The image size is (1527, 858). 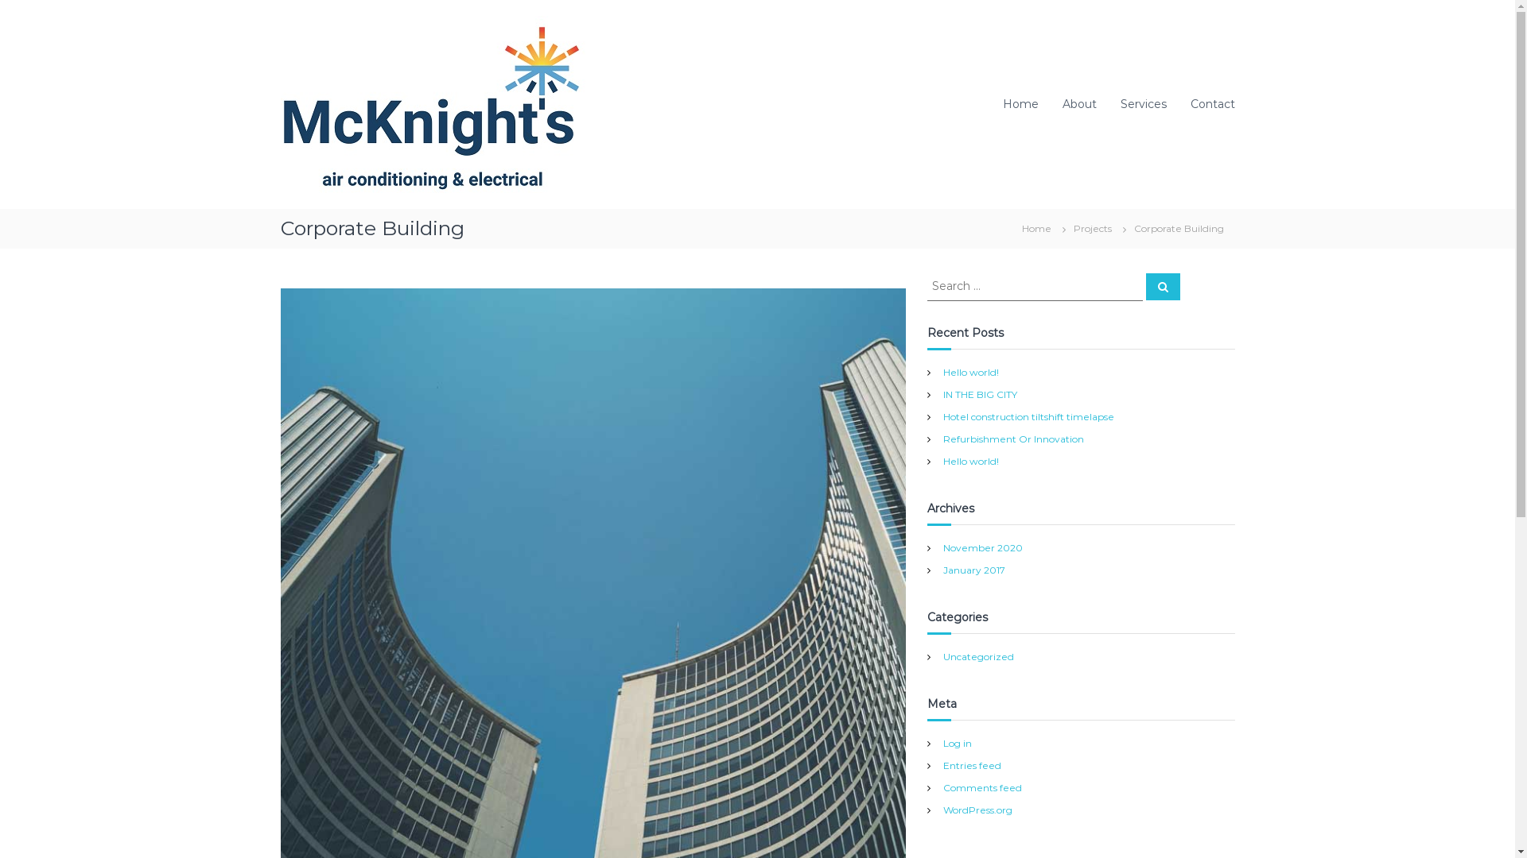 What do you see at coordinates (957, 743) in the screenshot?
I see `'Log in'` at bounding box center [957, 743].